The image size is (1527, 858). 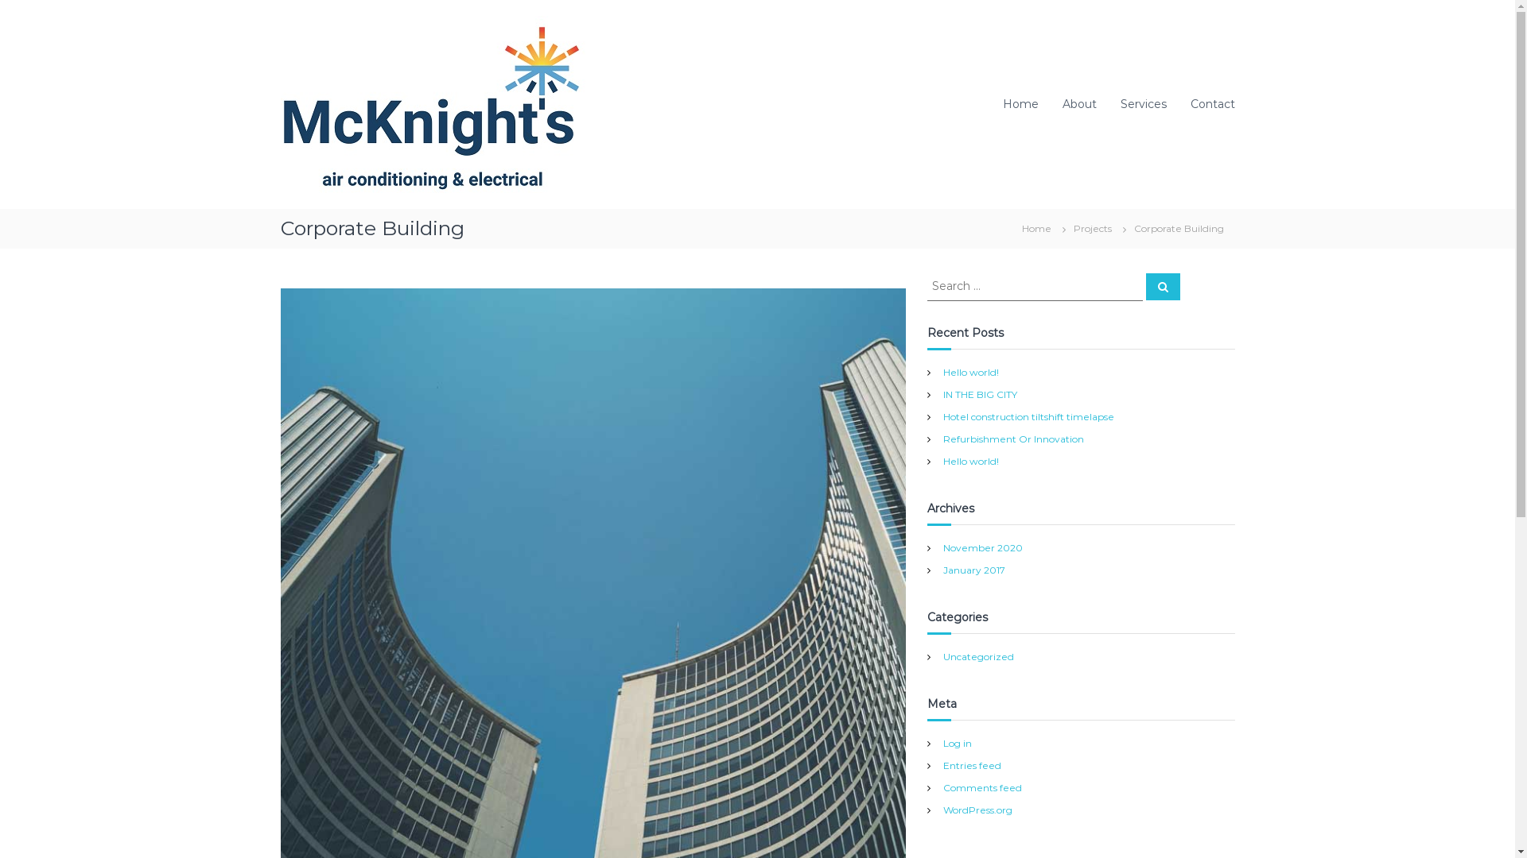 What do you see at coordinates (957, 743) in the screenshot?
I see `'Log in'` at bounding box center [957, 743].